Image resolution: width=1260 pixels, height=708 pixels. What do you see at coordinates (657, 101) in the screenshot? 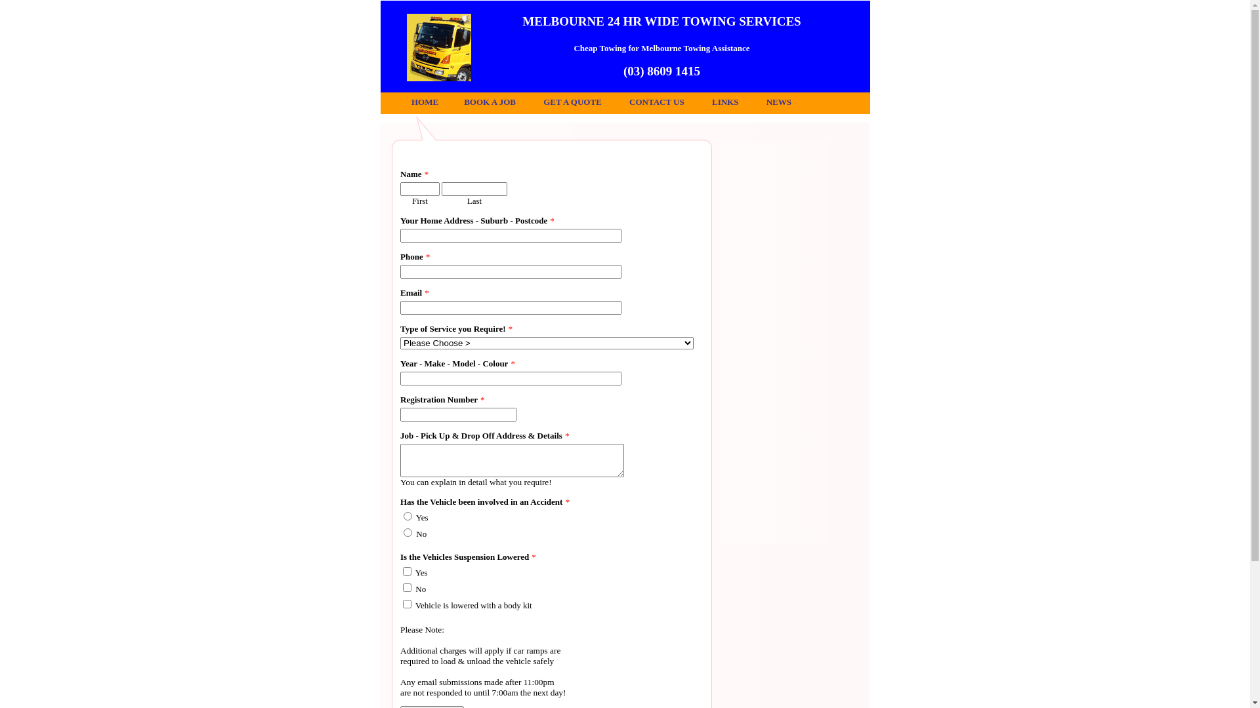
I see `'CONTACT US'` at bounding box center [657, 101].